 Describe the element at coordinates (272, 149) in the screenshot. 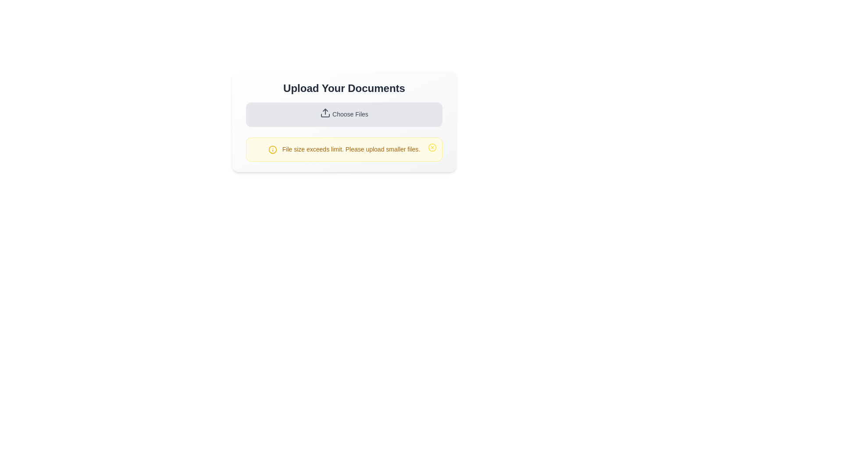

I see `yellow circular exclamation mark SVG icon located to the left of the alert message text 'File size exceeds limit. Please upload smaller files.'` at that location.